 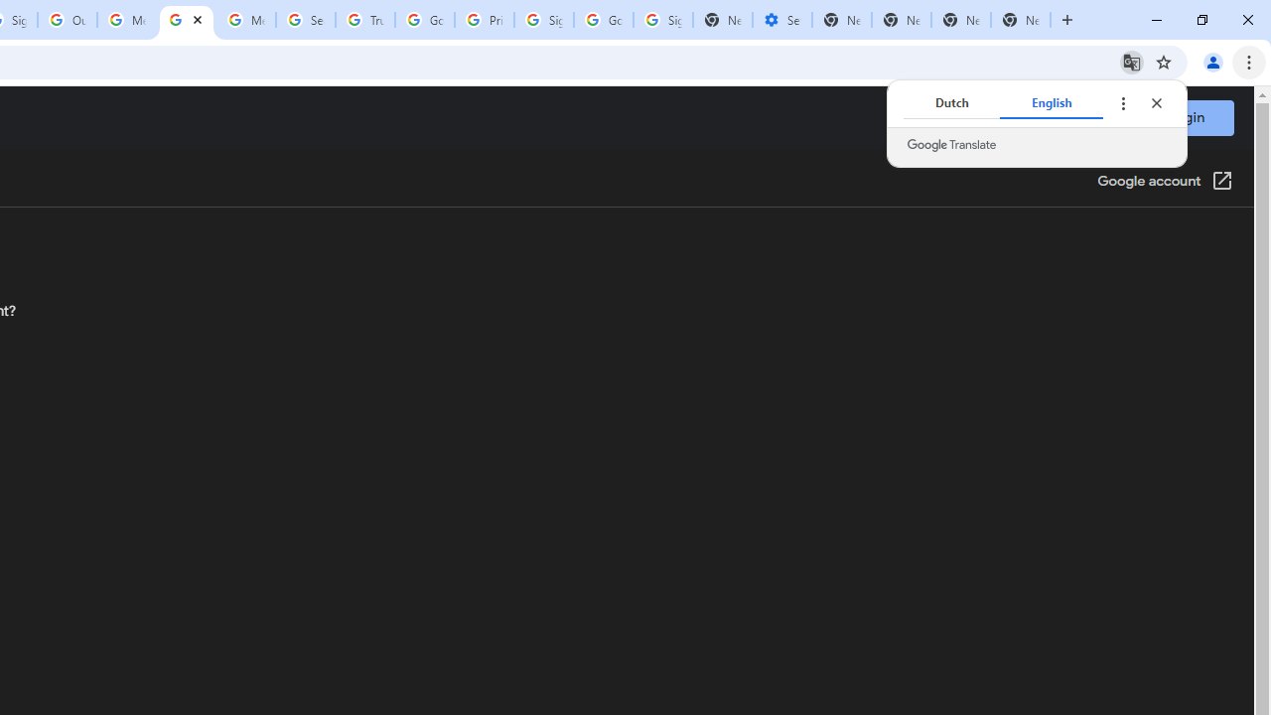 What do you see at coordinates (424, 20) in the screenshot?
I see `'Google Ads - Sign in'` at bounding box center [424, 20].